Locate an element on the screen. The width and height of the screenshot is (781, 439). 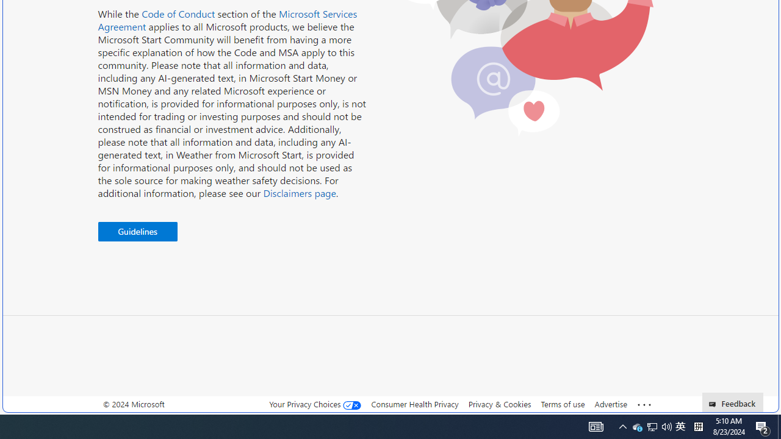
'Terms of use' is located at coordinates (562, 404).